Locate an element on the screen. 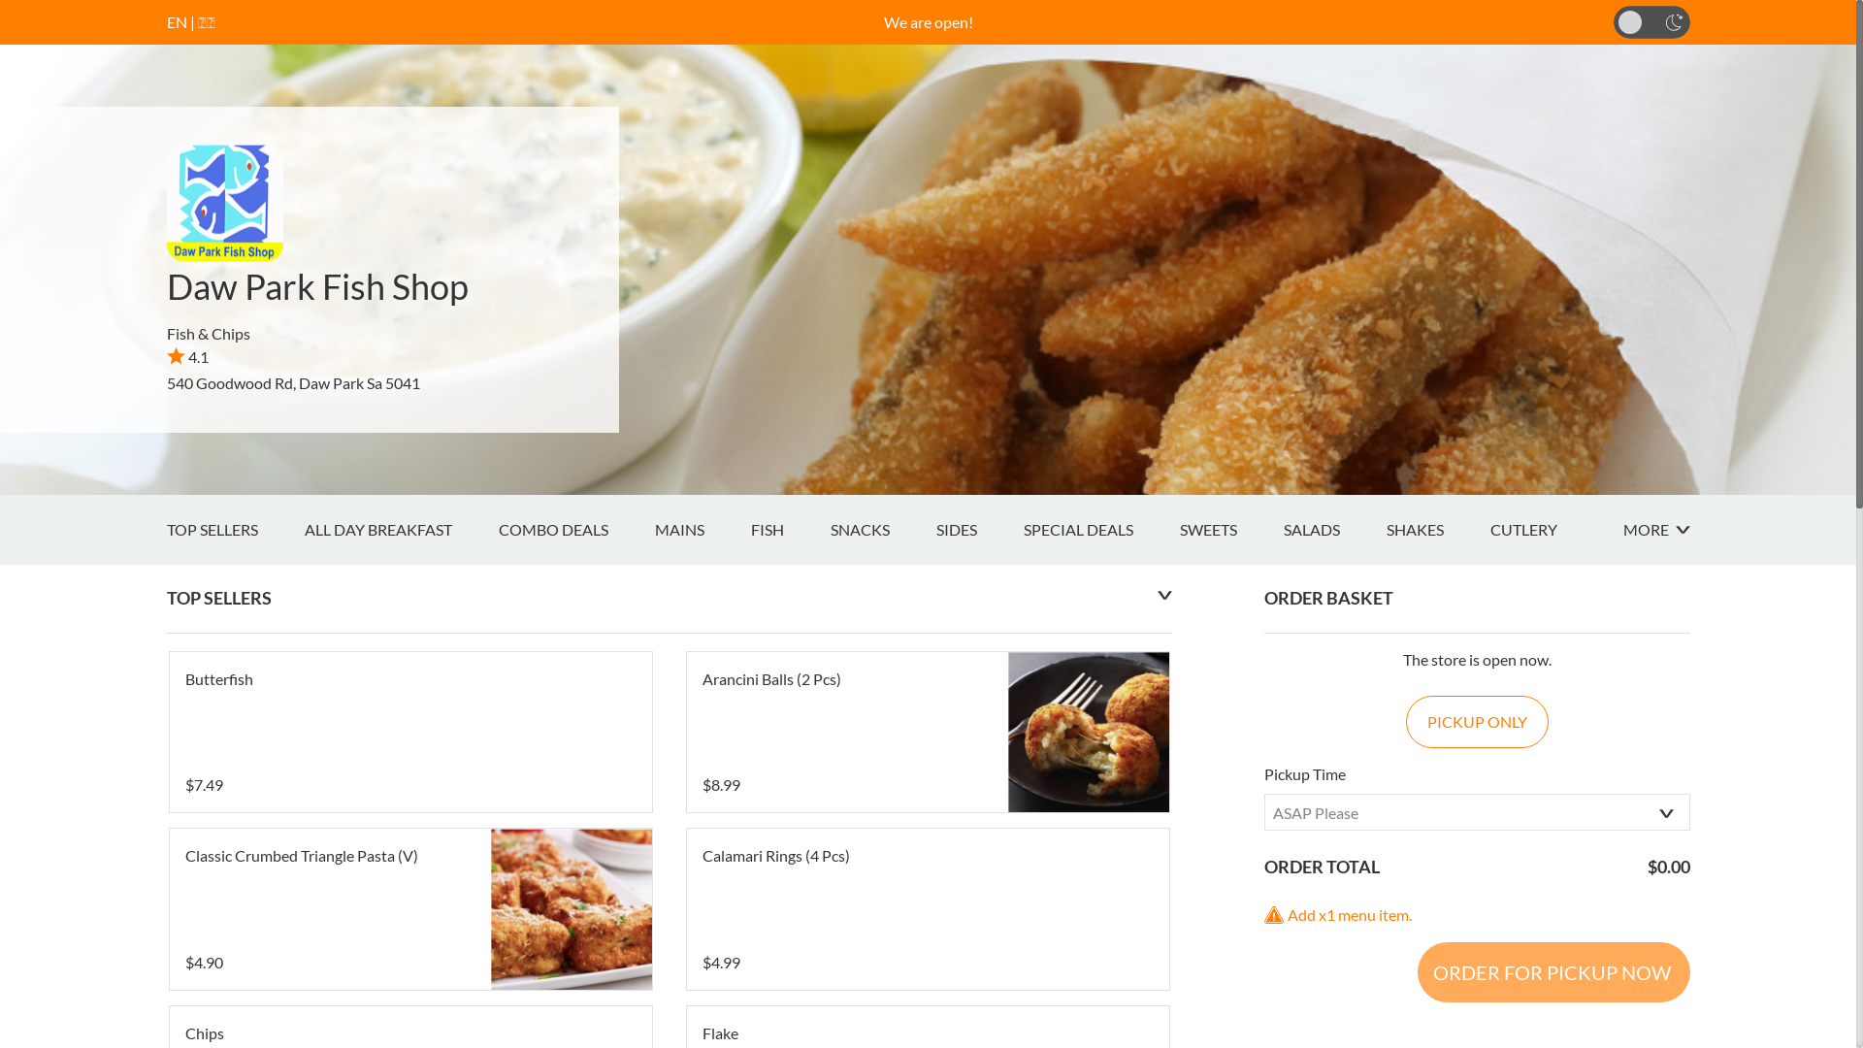  'SPECIAL DEALS' is located at coordinates (1100, 530).